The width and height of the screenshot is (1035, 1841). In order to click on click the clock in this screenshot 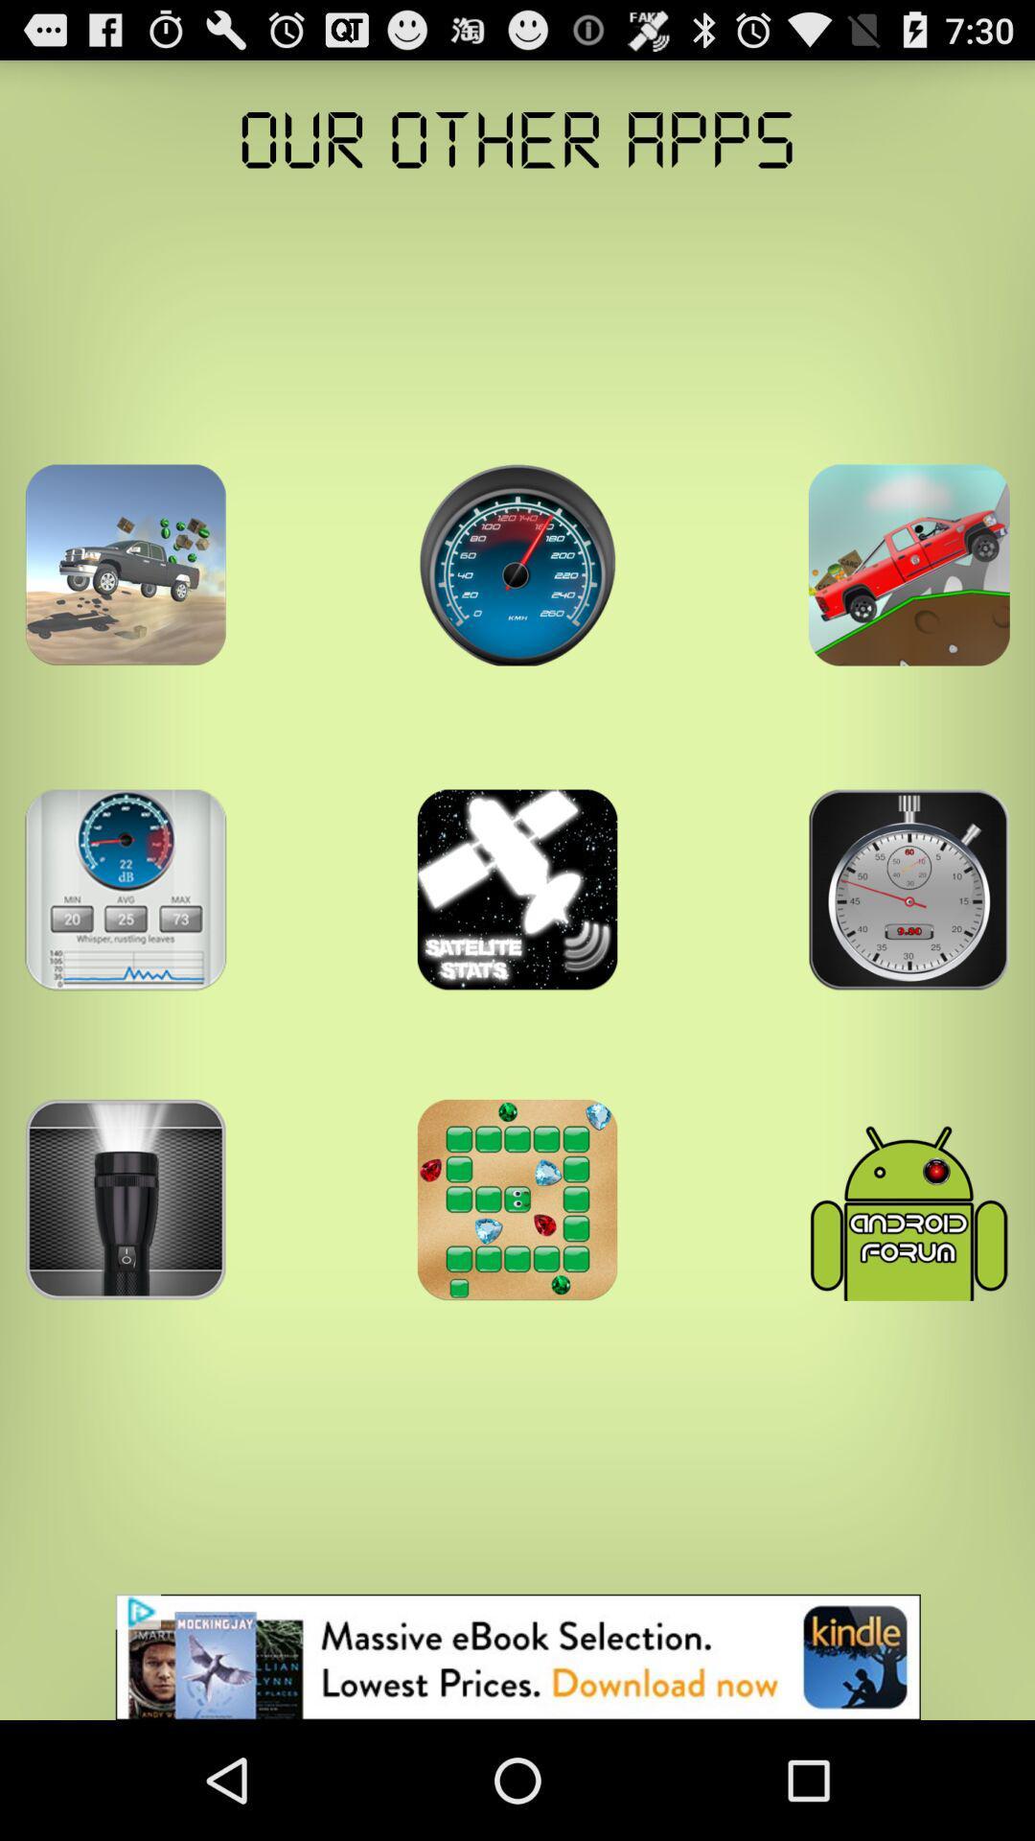, I will do `click(908, 889)`.